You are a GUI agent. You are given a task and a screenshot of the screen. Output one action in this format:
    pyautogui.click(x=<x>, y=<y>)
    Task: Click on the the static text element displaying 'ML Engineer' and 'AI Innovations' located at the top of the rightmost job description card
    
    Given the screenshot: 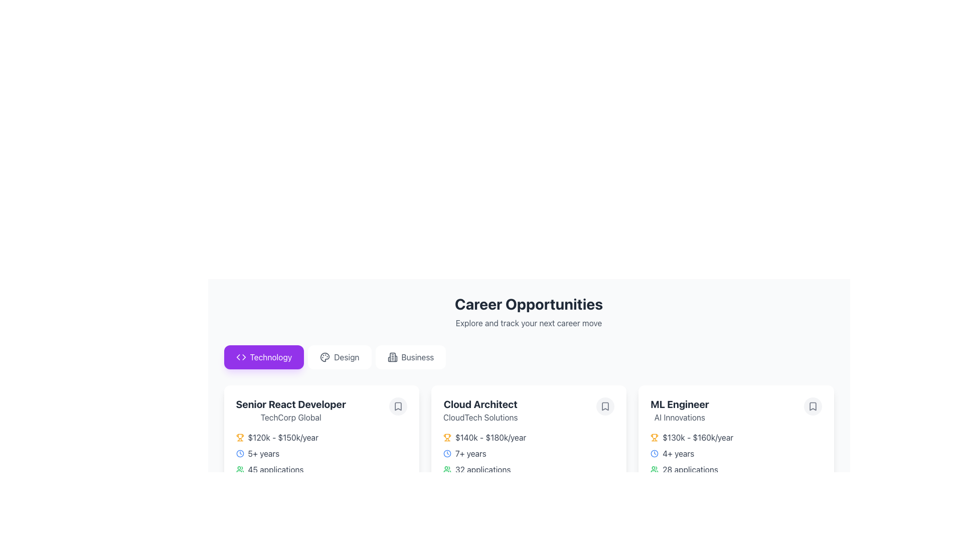 What is the action you would take?
    pyautogui.click(x=680, y=410)
    